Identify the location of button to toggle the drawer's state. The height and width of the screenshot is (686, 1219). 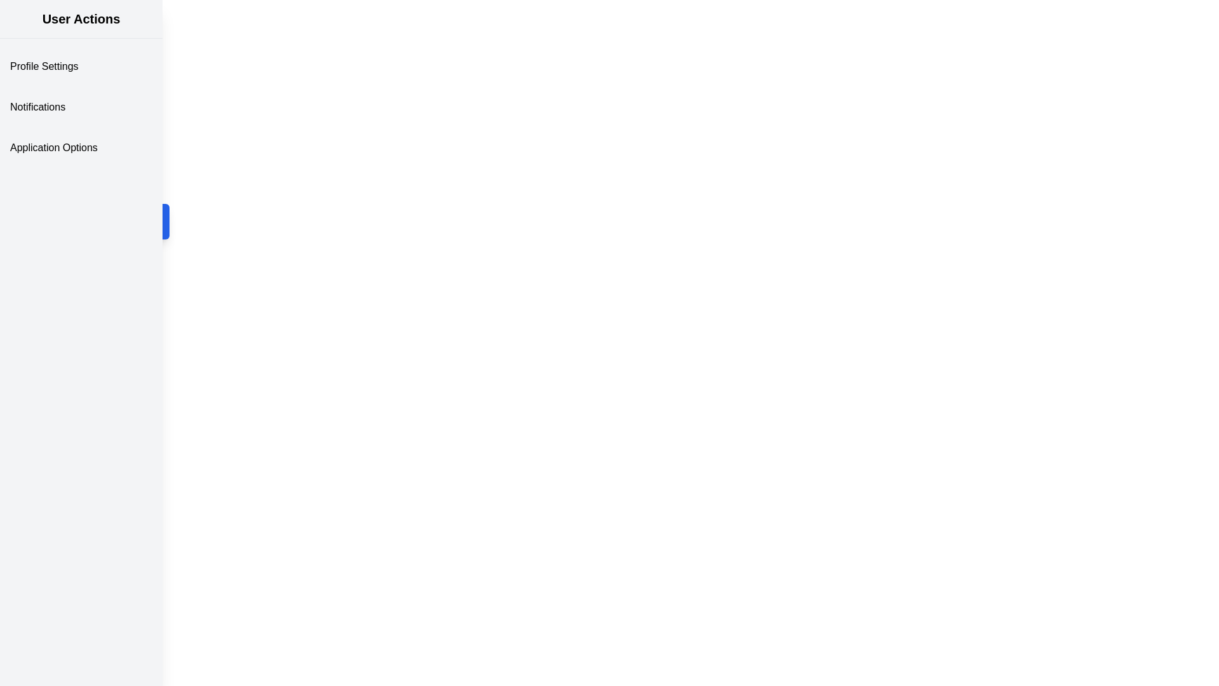
(152, 220).